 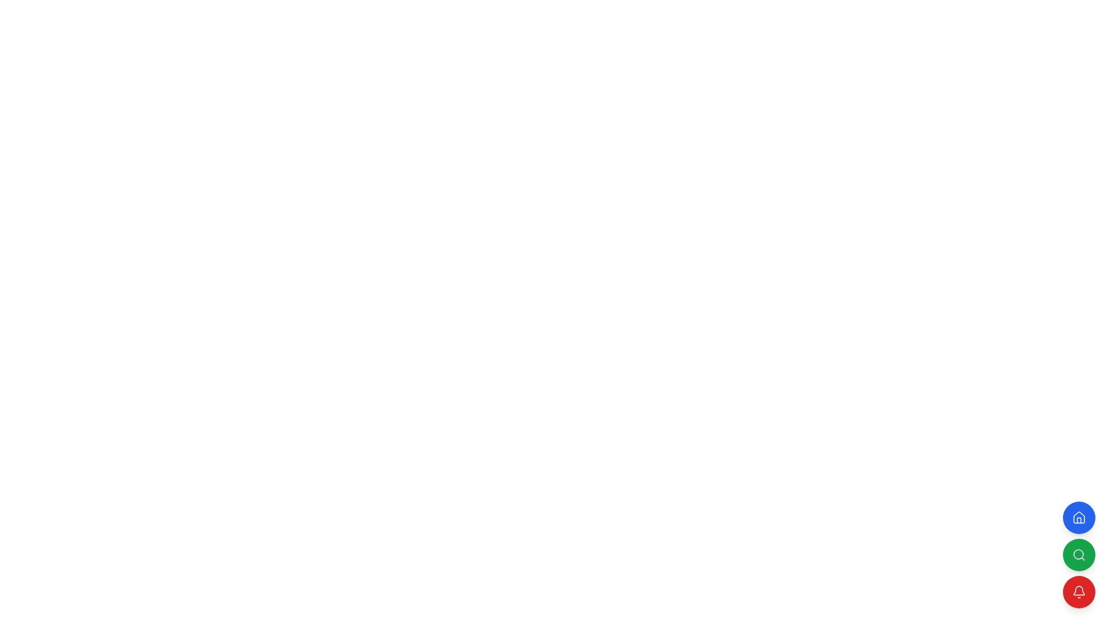 What do you see at coordinates (1079, 554) in the screenshot?
I see `the circular green button with a white search icon in the center` at bounding box center [1079, 554].